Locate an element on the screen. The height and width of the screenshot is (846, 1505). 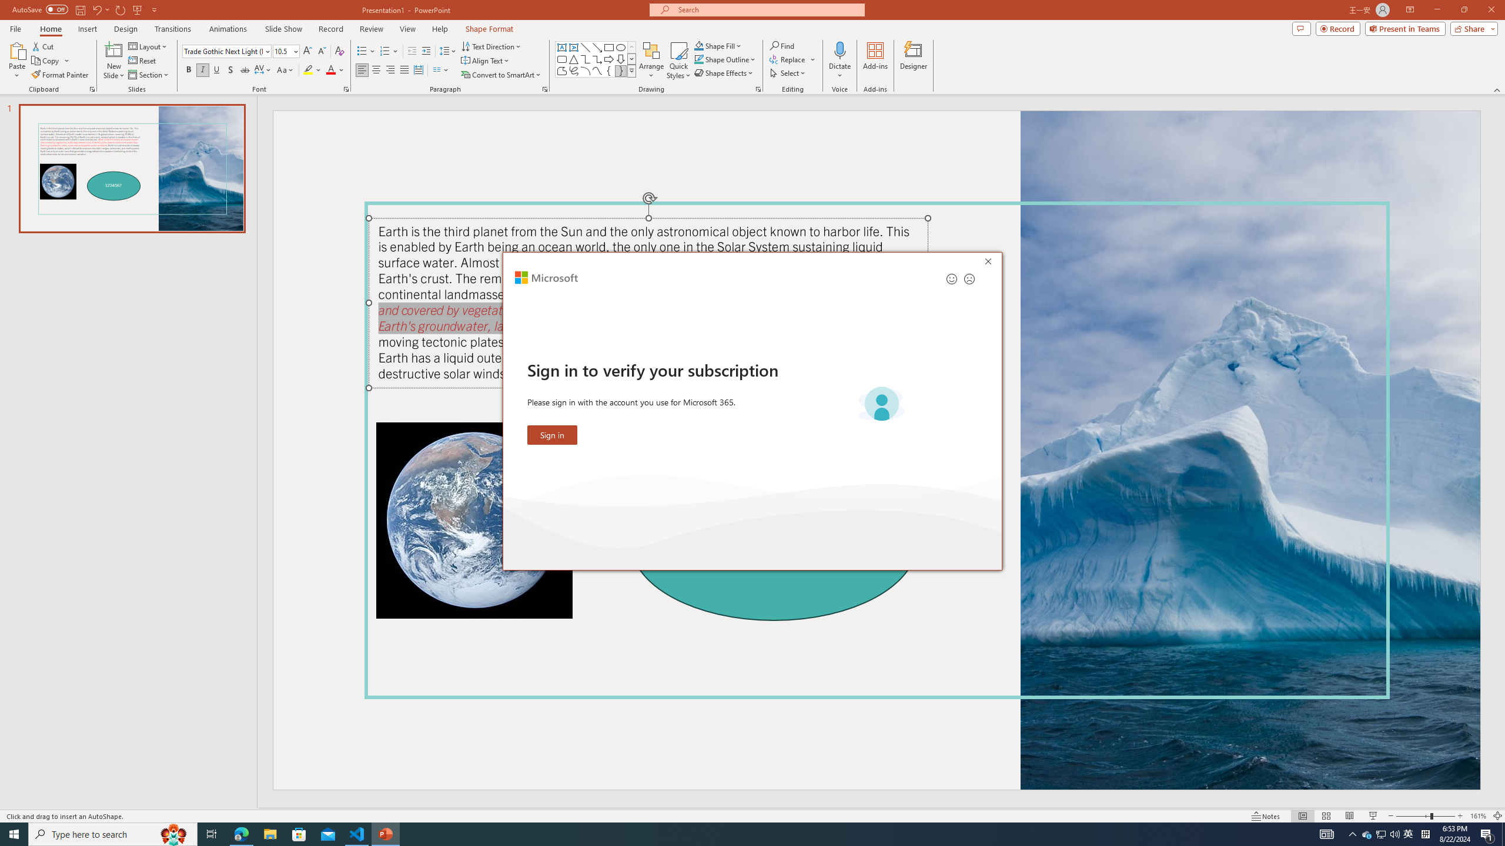
'Quick Styles' is located at coordinates (678, 61).